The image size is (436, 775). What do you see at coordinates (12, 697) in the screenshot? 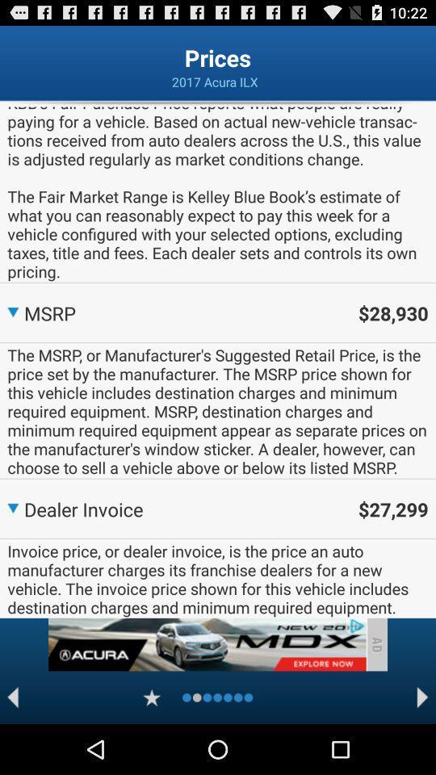
I see `go back` at bounding box center [12, 697].